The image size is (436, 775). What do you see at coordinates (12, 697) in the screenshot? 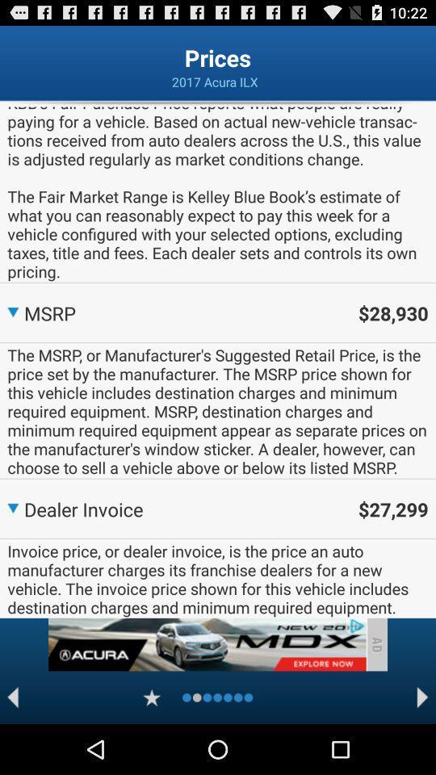
I see `go back` at bounding box center [12, 697].